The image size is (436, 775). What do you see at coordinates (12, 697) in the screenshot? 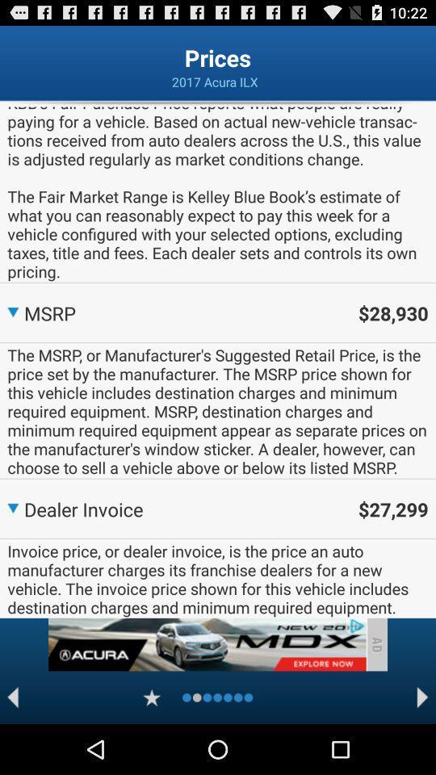
I see `go back` at bounding box center [12, 697].